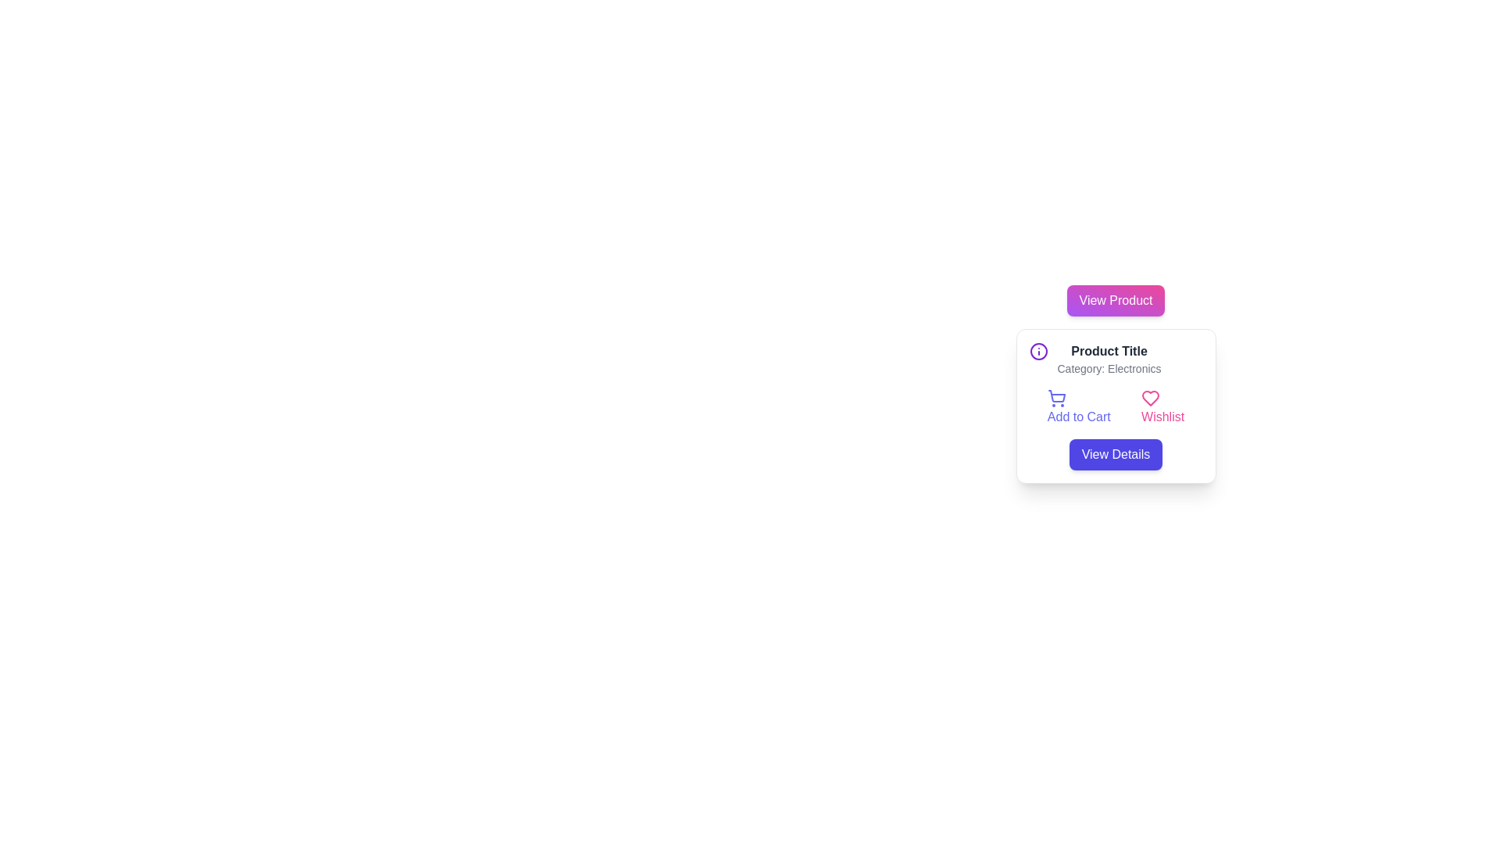 The height and width of the screenshot is (844, 1500). Describe the element at coordinates (1038, 352) in the screenshot. I see `the information icon` at that location.